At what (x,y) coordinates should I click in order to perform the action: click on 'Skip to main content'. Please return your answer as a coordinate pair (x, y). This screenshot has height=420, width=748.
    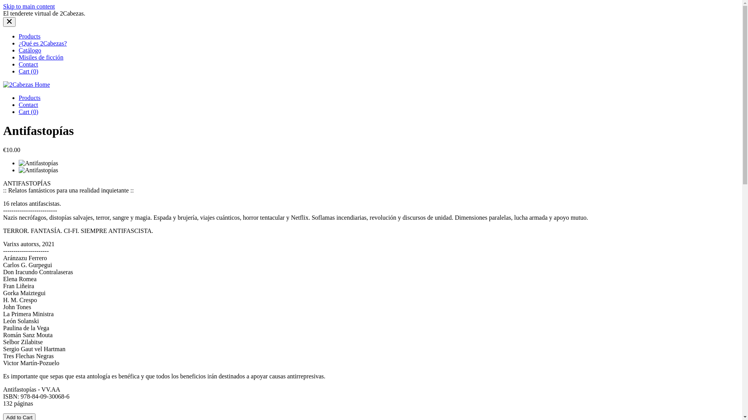
    Looking at the image, I should click on (29, 6).